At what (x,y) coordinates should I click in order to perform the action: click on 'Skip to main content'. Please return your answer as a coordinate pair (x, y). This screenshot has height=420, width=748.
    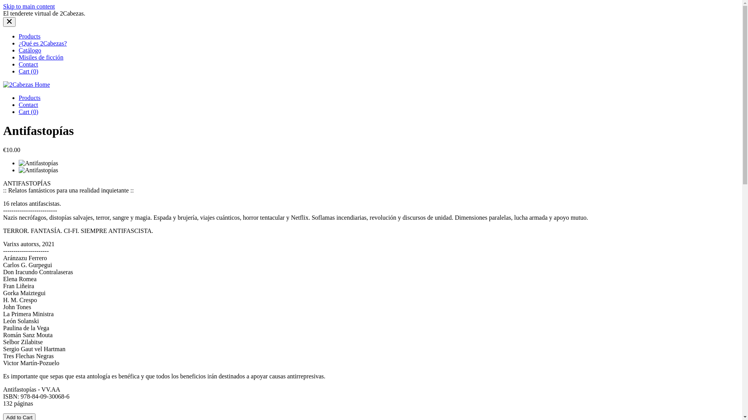
    Looking at the image, I should click on (29, 6).